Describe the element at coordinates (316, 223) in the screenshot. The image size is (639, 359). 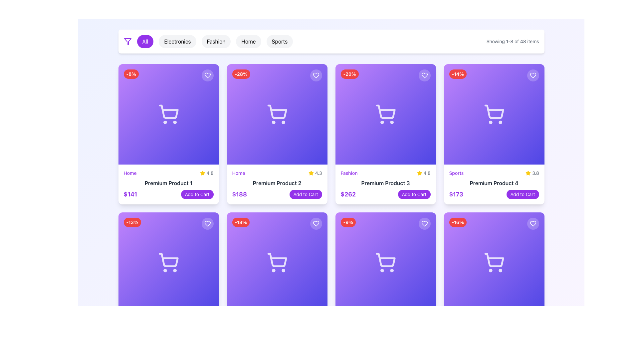
I see `the favorite indicator button located in the top-right corner of the card component featuring a shopping cart icon and a discount label ('-18%')` at that location.